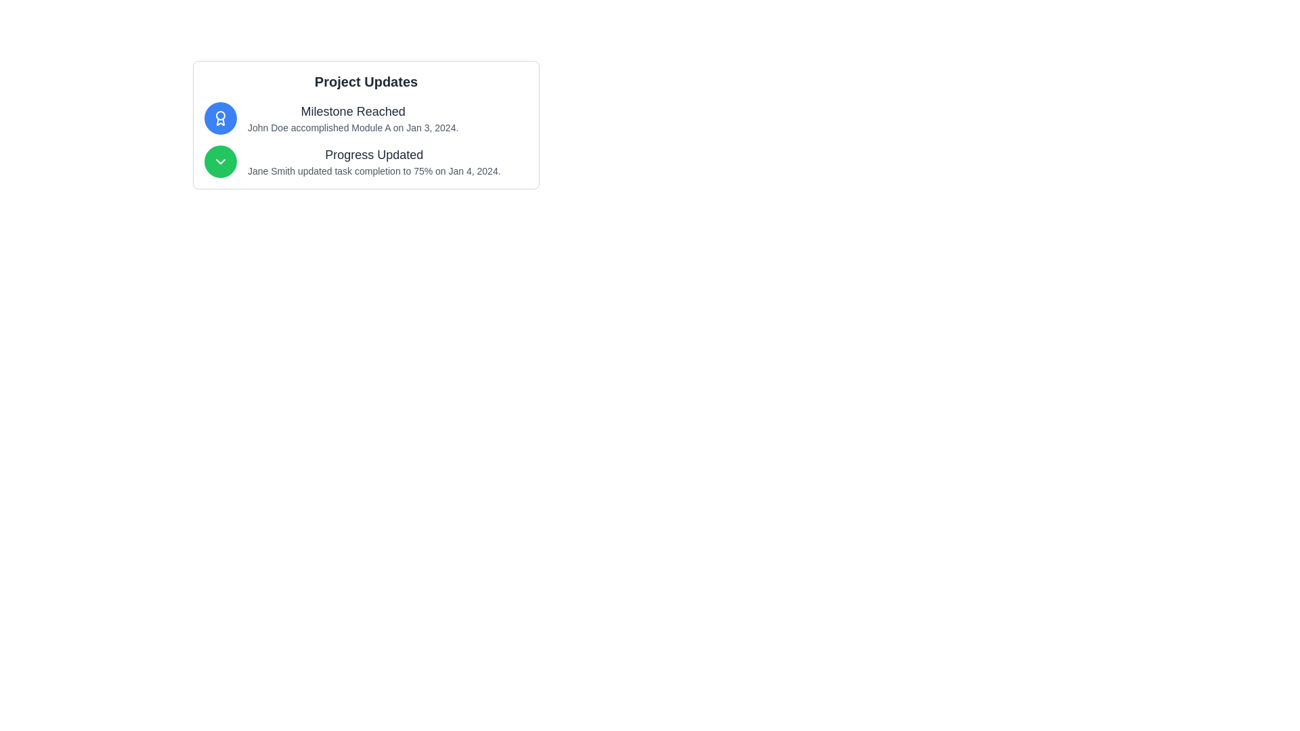  I want to click on the notification card informing users about a status update made by 'Jane Smith' regarding task completion, which is the second item in the vertically stacked collection of notifications, so click(366, 161).